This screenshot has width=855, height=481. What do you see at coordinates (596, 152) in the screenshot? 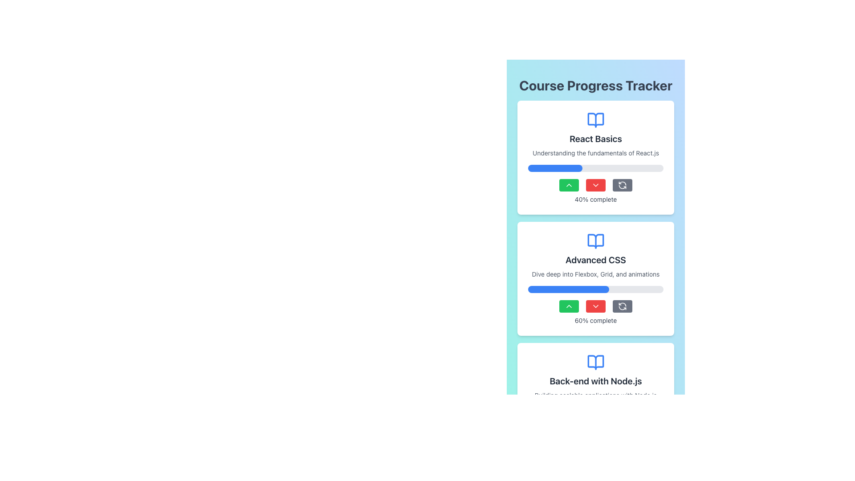
I see `the supplemental information text in the 'React Basics' card, which is the second text block below the main title 'React Basics' and above the progress bar` at bounding box center [596, 152].